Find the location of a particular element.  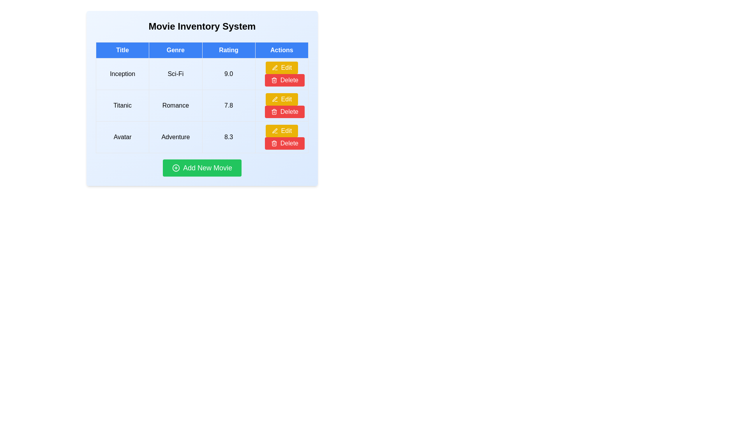

the 'Edit' icon is located at coordinates (275, 67).